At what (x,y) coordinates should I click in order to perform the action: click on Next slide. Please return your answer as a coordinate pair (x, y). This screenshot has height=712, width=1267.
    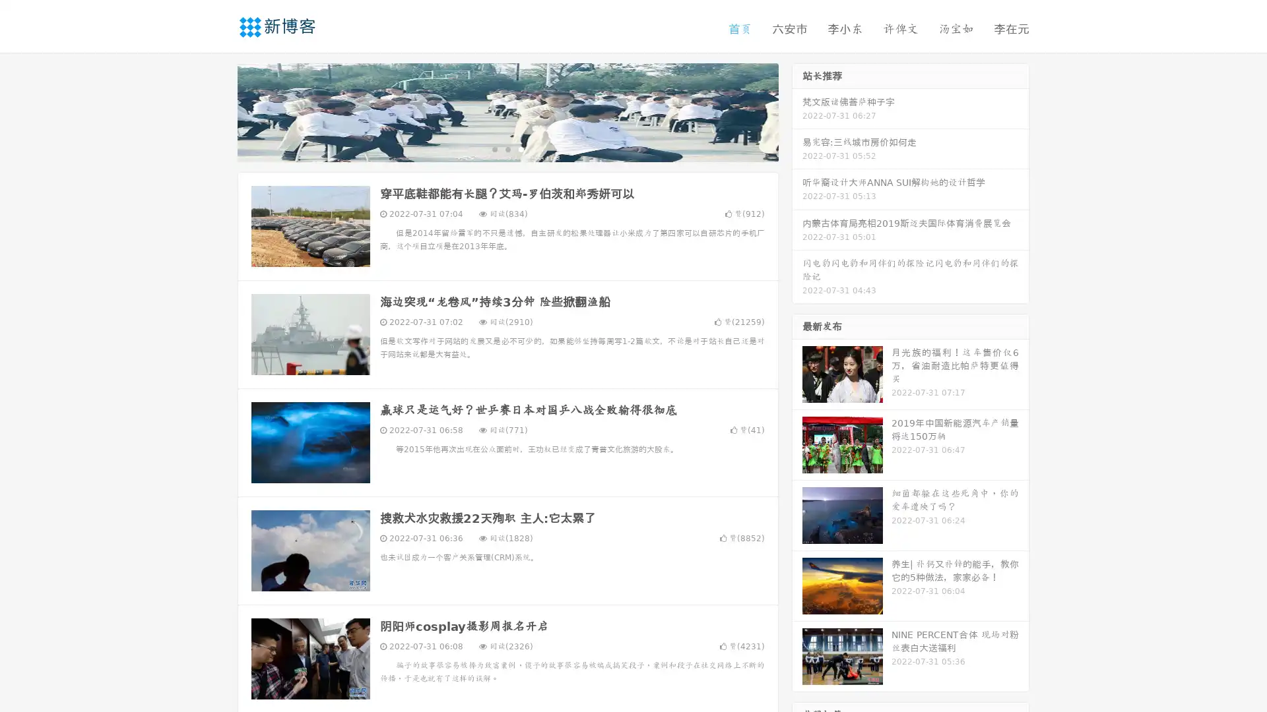
    Looking at the image, I should click on (797, 111).